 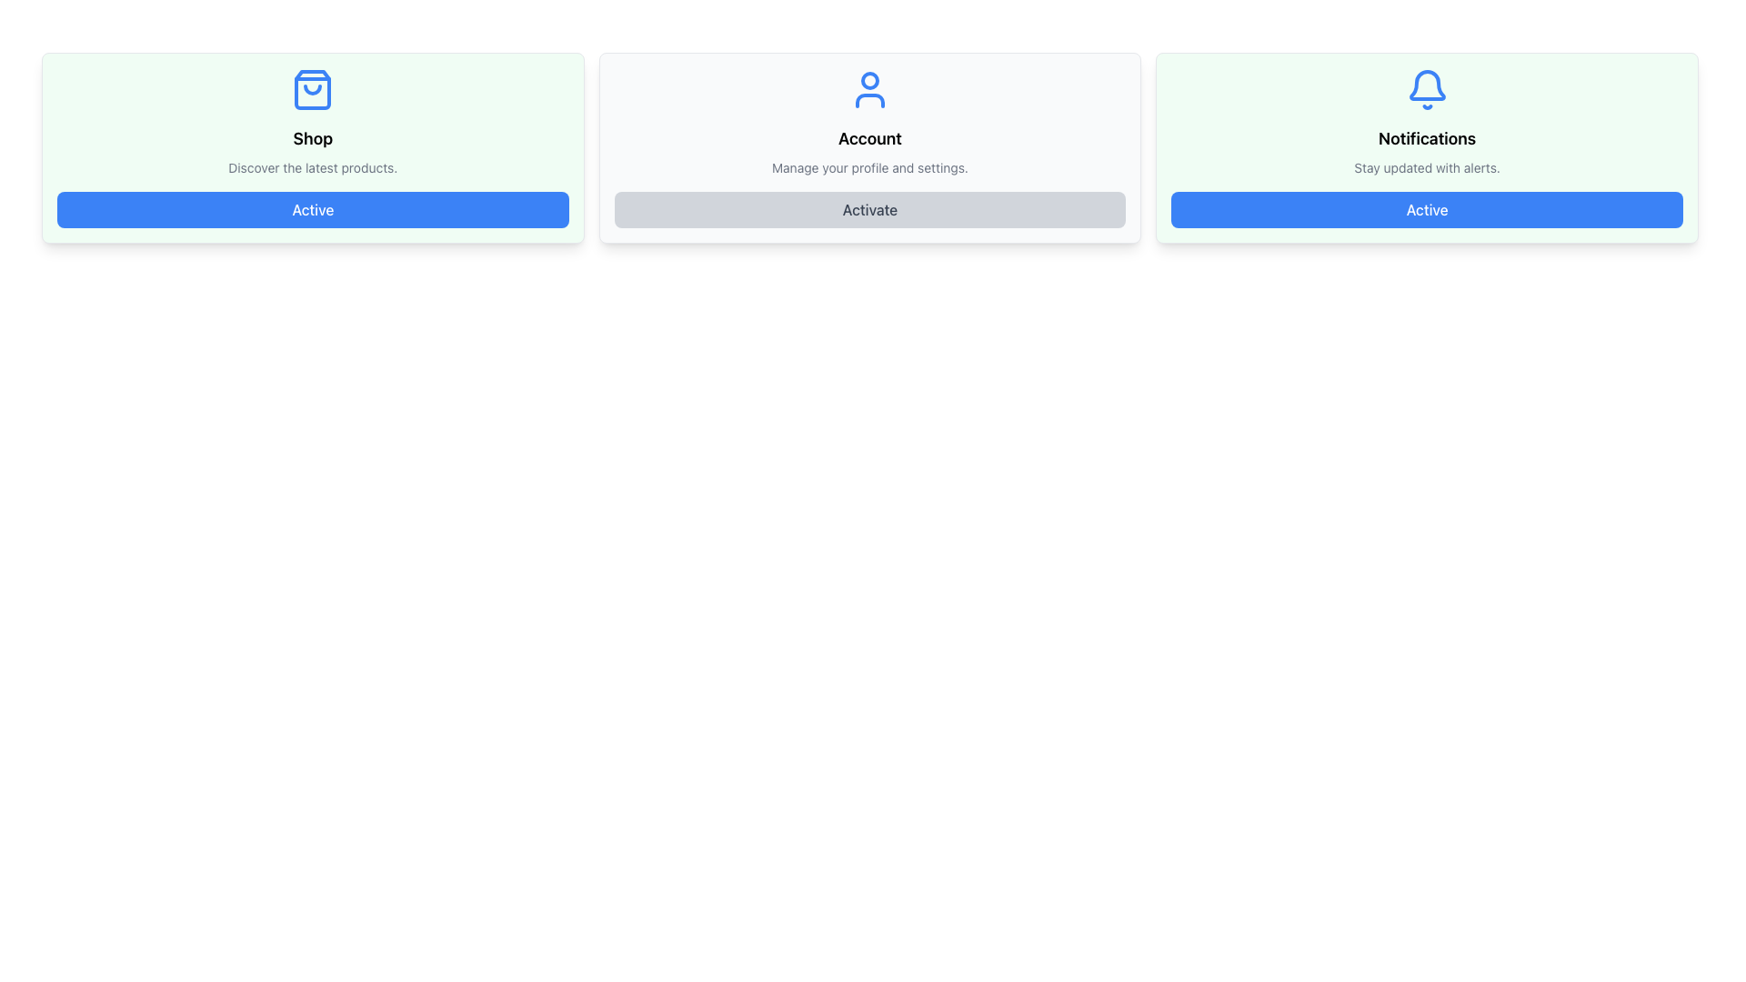 What do you see at coordinates (313, 90) in the screenshot?
I see `the shopping bag icon located at the top portion of the 'Shop' card component, centrally aligned in the first column of a three-column layout` at bounding box center [313, 90].